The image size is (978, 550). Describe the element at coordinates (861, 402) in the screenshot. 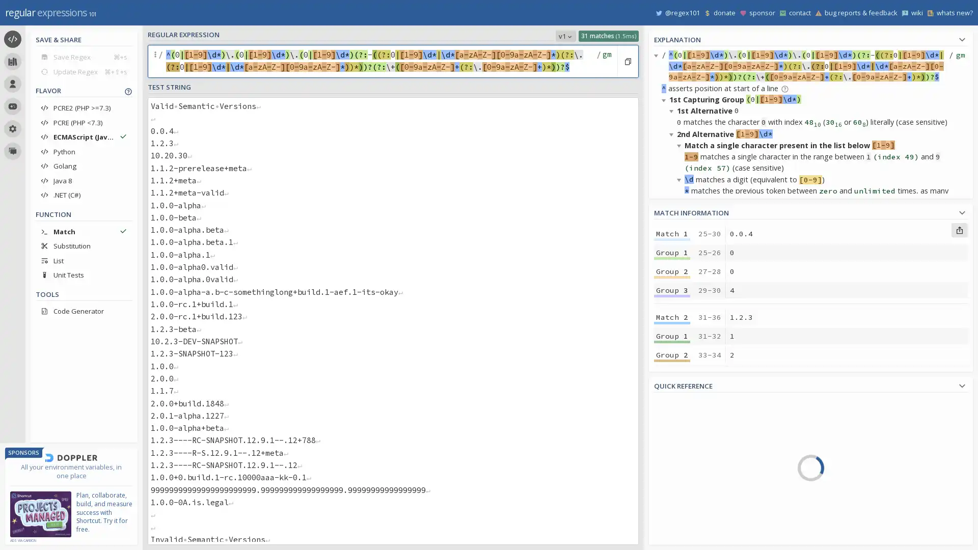

I see `A single character of: a, b or c [abc]` at that location.